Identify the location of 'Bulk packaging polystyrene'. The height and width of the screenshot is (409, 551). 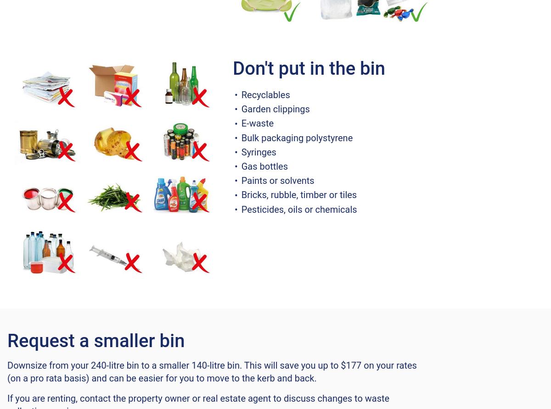
(297, 137).